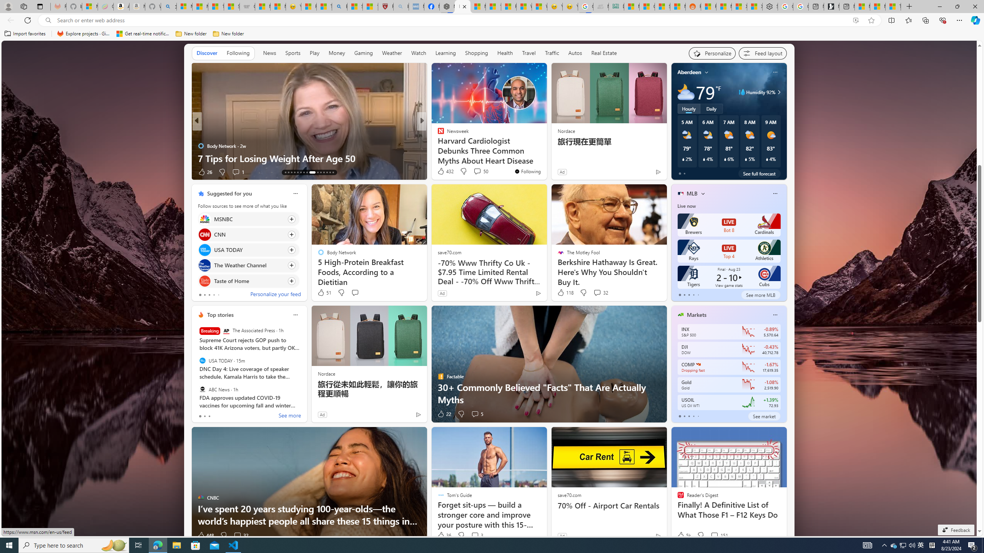  What do you see at coordinates (686, 91) in the screenshot?
I see `'Mostly cloudy'` at bounding box center [686, 91].